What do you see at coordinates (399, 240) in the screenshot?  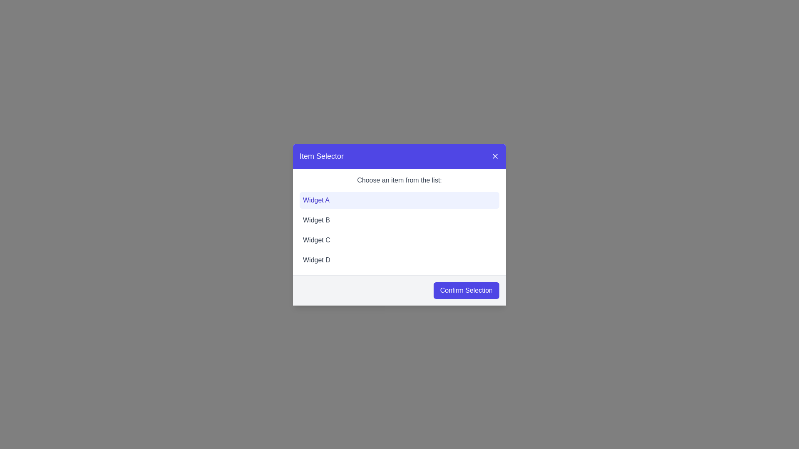 I see `the third item in the selectable list labeled 'Widget C' within the 'Item Selector' modal` at bounding box center [399, 240].